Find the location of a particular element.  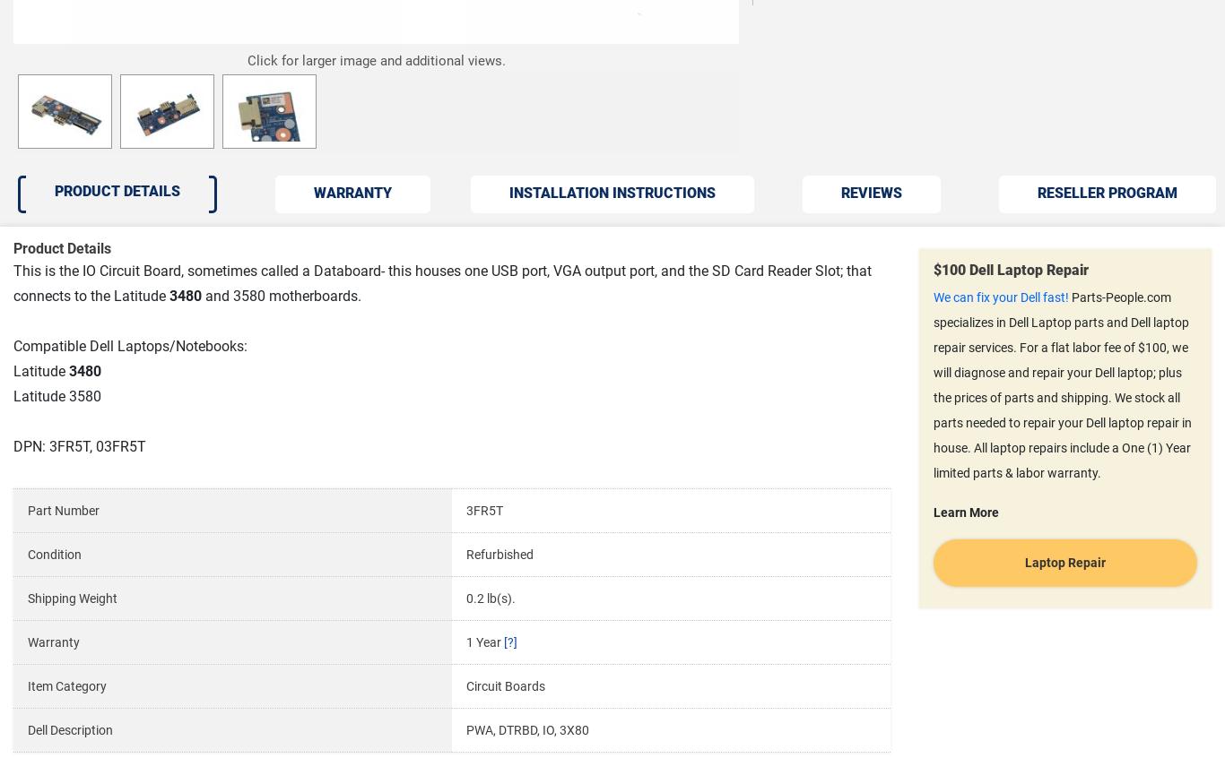

'Dell Parts' is located at coordinates (245, 480).